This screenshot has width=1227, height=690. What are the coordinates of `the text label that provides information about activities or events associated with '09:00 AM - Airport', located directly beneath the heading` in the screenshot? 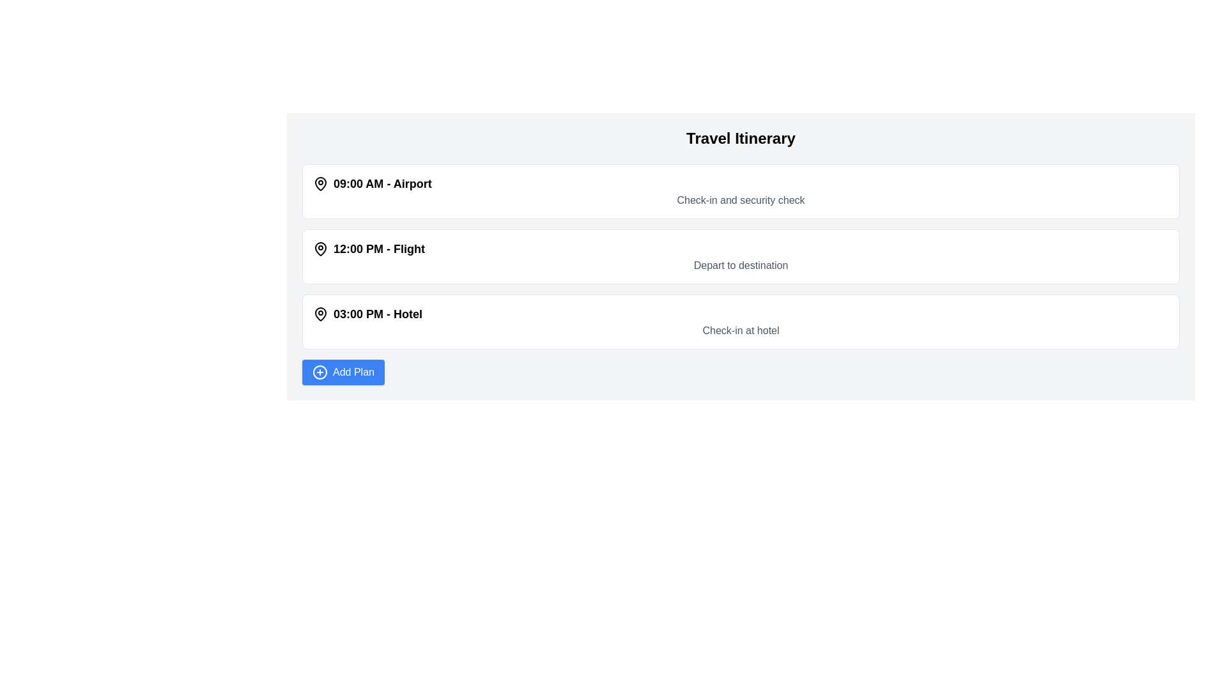 It's located at (741, 200).